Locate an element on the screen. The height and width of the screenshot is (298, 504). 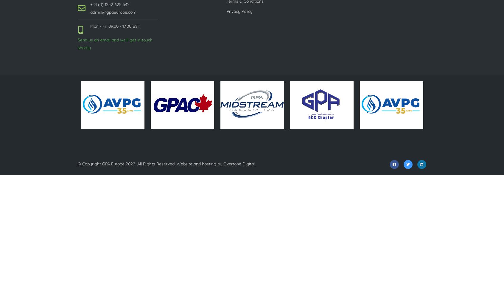
'Mon - Fri 09.00 - 17.00 BST' is located at coordinates (115, 26).